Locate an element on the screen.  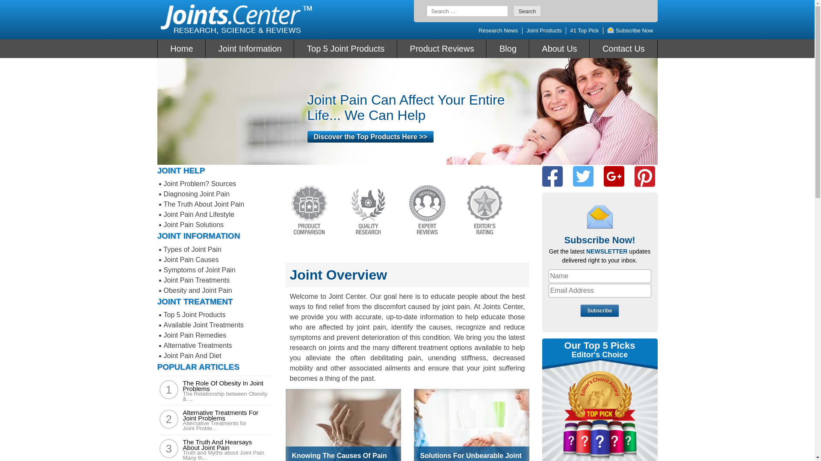
'Joint Pain Causes' is located at coordinates (190, 259).